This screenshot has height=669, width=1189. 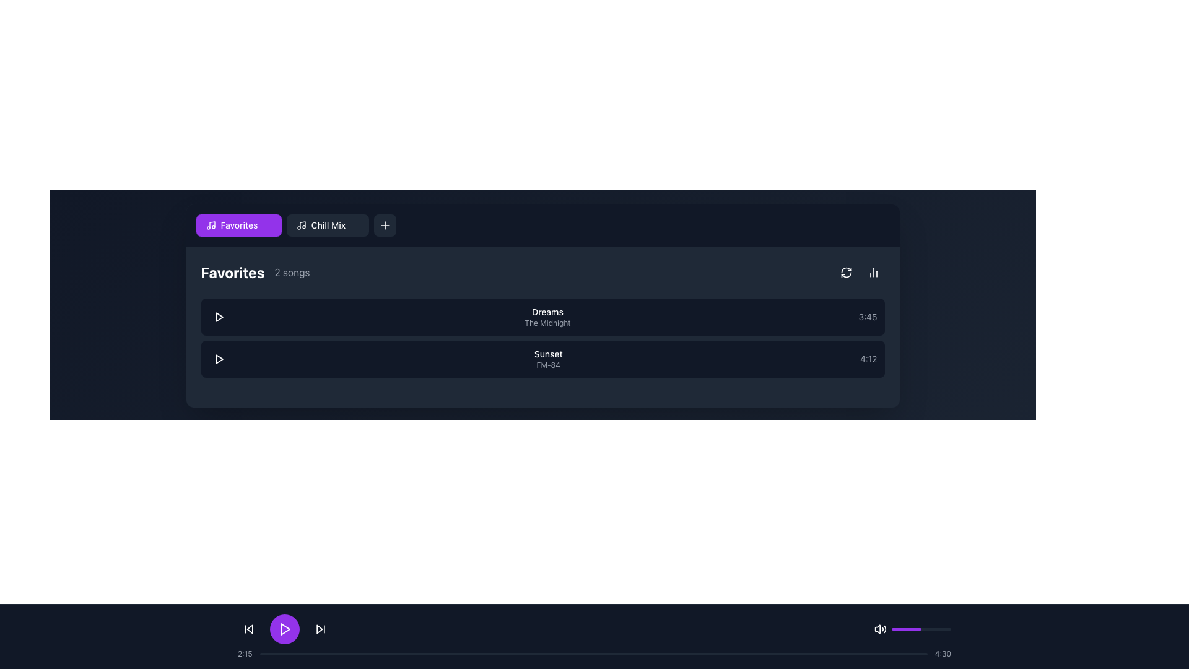 What do you see at coordinates (547, 317) in the screenshot?
I see `the text label displaying the song title 'Dreams' and artist name 'The Midnight', which is the first item in a vertical list of songs located below the 'Favorites' heading` at bounding box center [547, 317].